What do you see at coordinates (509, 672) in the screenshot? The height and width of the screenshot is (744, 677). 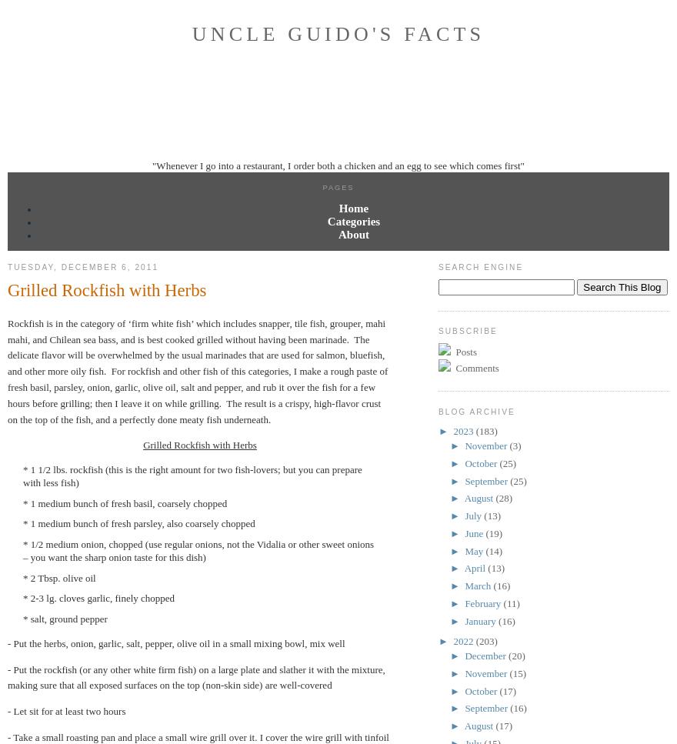 I see `'(15)'` at bounding box center [509, 672].